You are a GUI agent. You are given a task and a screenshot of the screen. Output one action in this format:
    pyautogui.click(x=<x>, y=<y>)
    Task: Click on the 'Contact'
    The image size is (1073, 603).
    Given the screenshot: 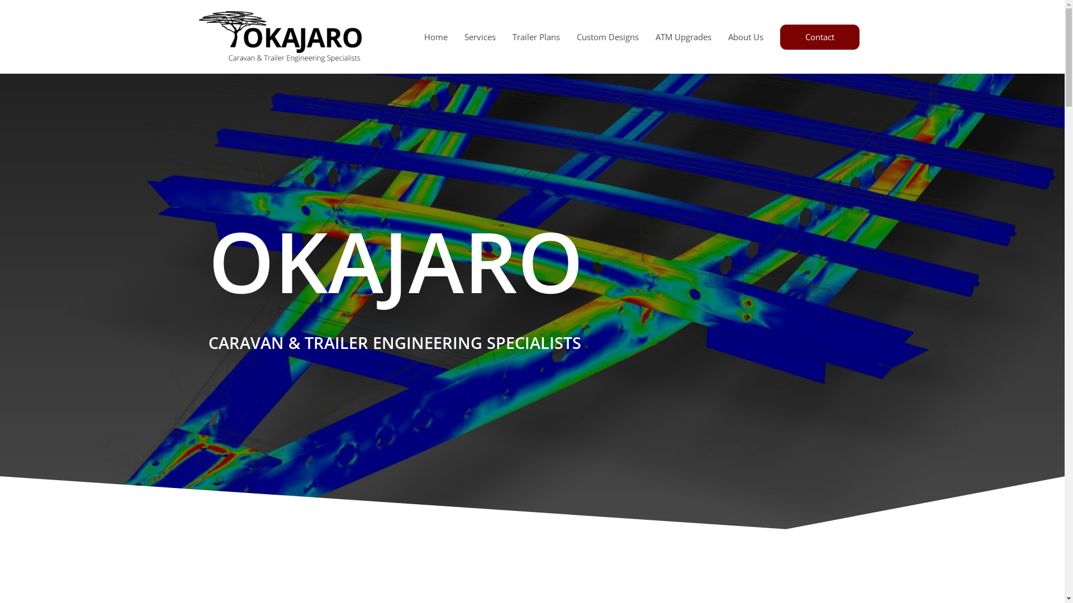 What is the action you would take?
    pyautogui.click(x=820, y=36)
    